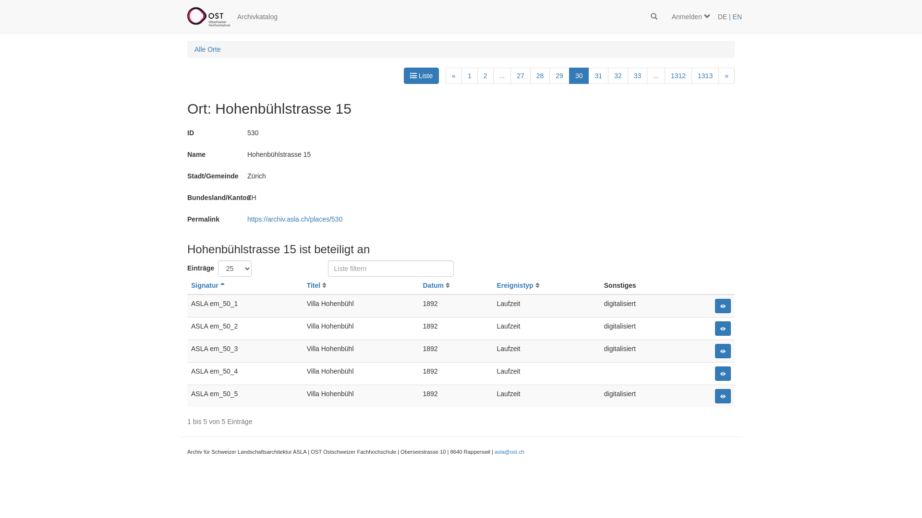 The height and width of the screenshot is (518, 922). I want to click on 'DE', so click(717, 16).